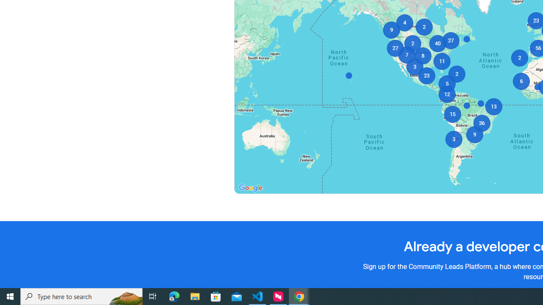 This screenshot has height=305, width=543. I want to click on '5', so click(446, 84).